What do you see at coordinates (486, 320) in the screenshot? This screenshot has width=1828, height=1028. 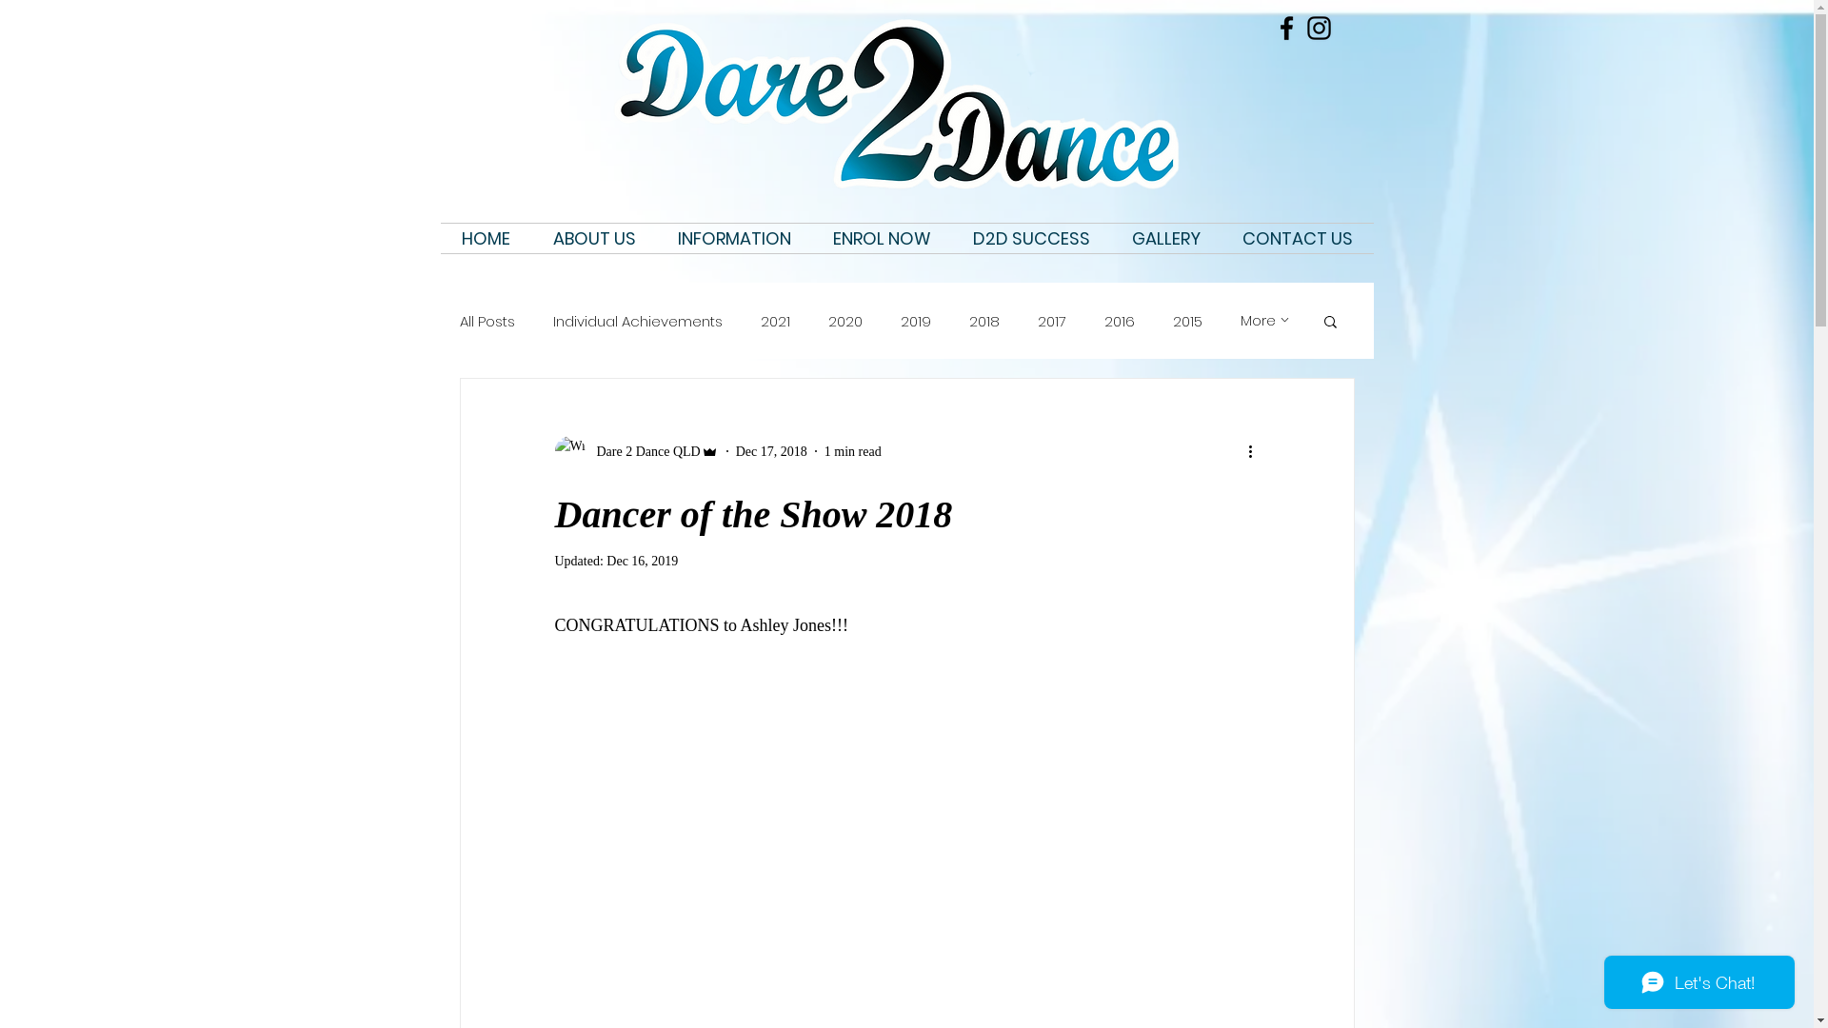 I see `'All Posts'` at bounding box center [486, 320].